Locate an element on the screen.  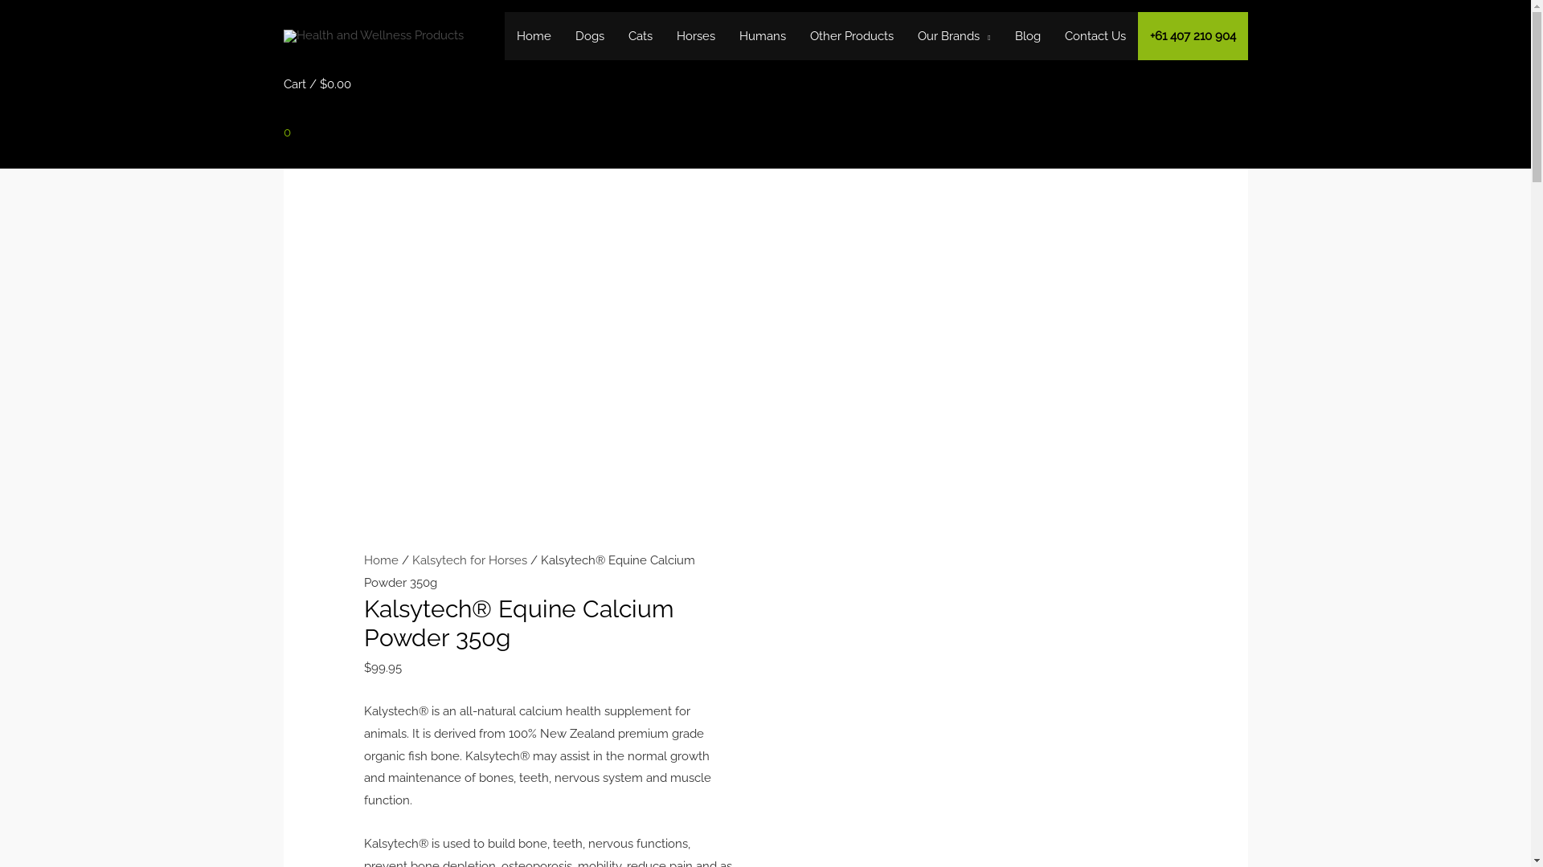
'Kalsytech for Horses' is located at coordinates (469, 560).